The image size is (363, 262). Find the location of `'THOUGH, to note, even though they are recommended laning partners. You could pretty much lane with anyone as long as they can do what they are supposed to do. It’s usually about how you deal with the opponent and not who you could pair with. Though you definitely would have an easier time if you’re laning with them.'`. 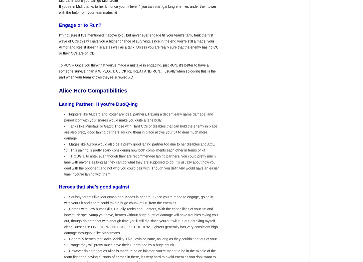

'THOUGH, to note, even though they are recommended laning partners. You could pretty much lane with anyone as long as they can do what they are supposed to do. It’s usually about how you deal with the opponent and not who you could pair with. Though you definitely would have an easier time if you’re laning with them.' is located at coordinates (141, 165).